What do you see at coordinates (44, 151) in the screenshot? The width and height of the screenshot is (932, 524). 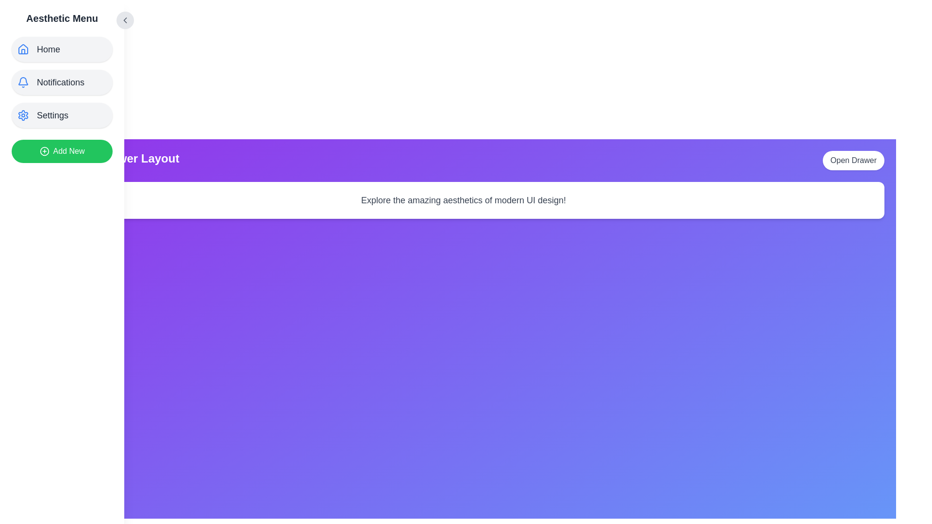 I see `the circular 'Add' icon located within the green circular button labeled 'Add New' in the left-hand menu panel` at bounding box center [44, 151].